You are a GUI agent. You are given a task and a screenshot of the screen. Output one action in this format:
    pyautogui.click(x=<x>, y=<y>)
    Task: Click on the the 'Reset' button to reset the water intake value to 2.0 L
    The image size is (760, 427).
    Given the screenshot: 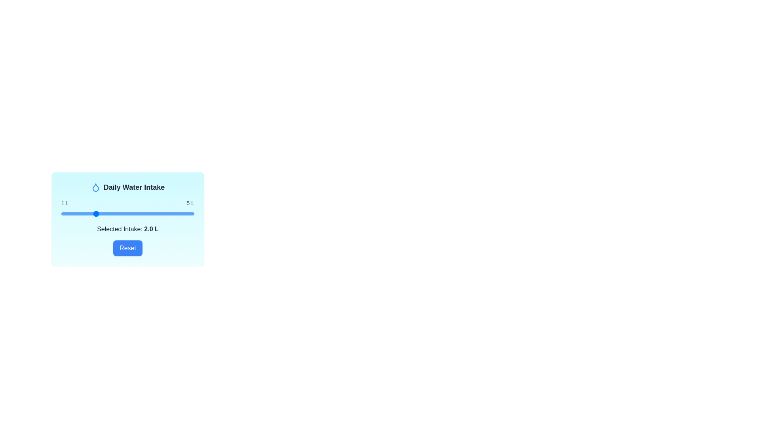 What is the action you would take?
    pyautogui.click(x=127, y=248)
    